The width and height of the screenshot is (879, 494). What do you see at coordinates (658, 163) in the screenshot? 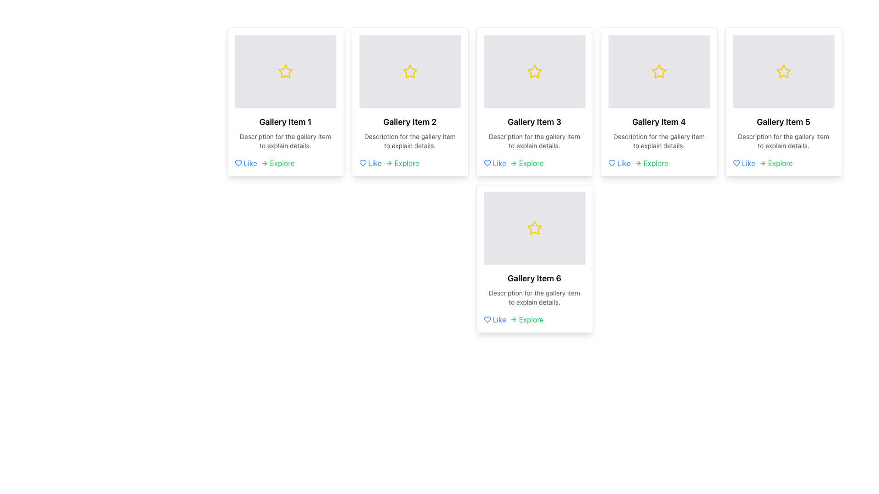
I see `the 'Explore' text in the Interactive options group located in the lower section of the panel titled 'Gallery Item 4'` at bounding box center [658, 163].